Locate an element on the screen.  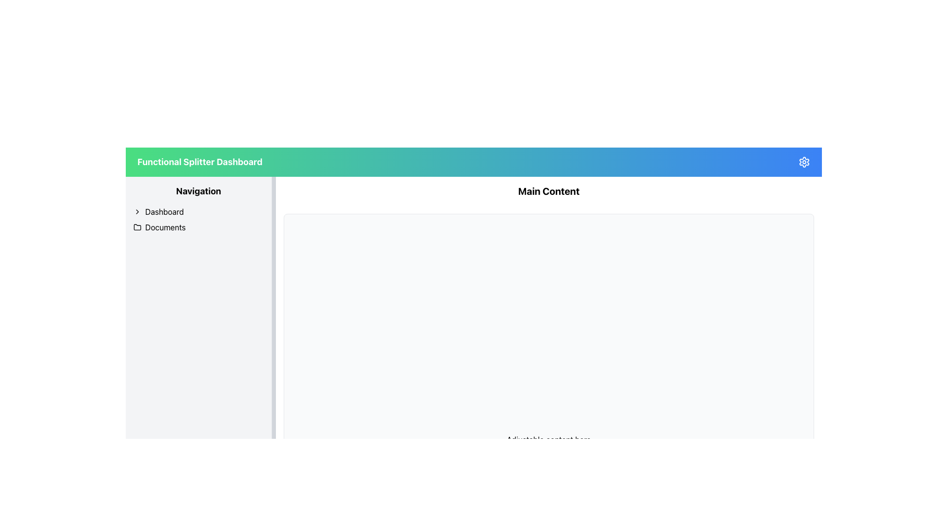
the settings gear icon located at the top-right corner of the header bar is located at coordinates (804, 161).